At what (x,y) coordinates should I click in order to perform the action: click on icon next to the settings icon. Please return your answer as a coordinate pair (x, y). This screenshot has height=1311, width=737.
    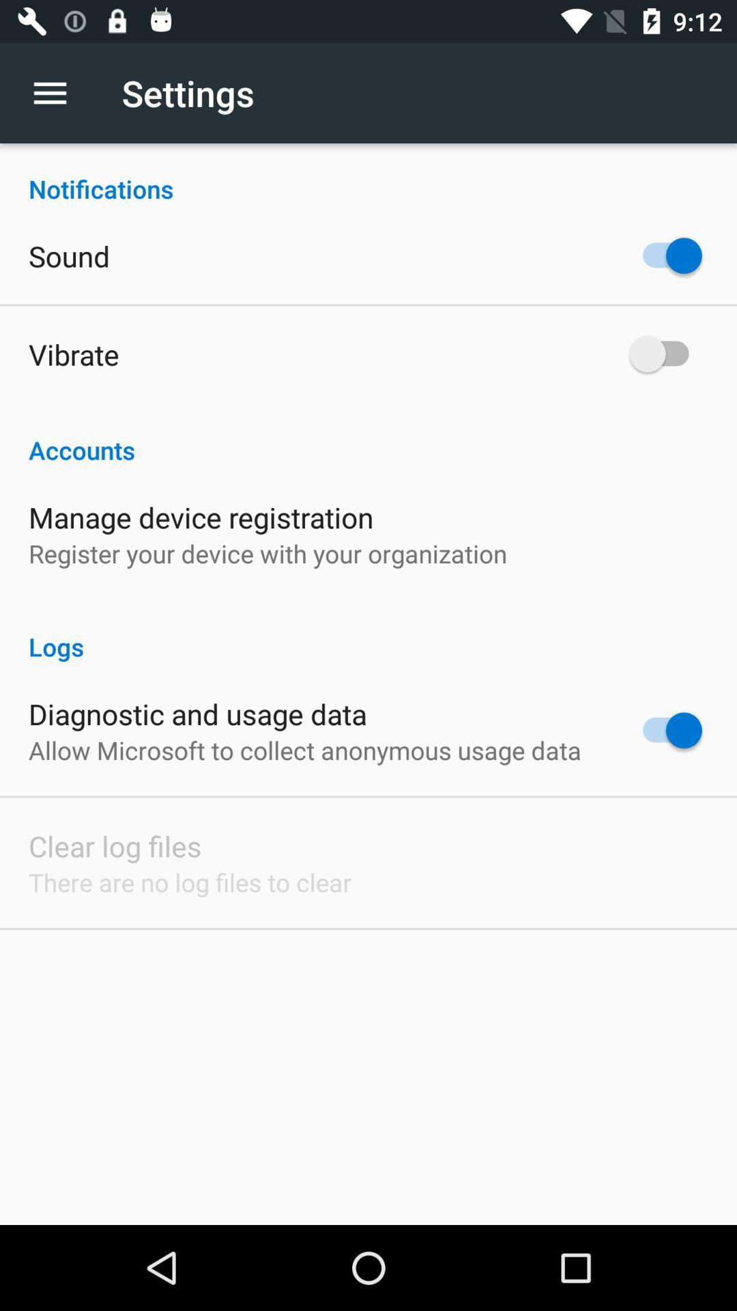
    Looking at the image, I should click on (57, 92).